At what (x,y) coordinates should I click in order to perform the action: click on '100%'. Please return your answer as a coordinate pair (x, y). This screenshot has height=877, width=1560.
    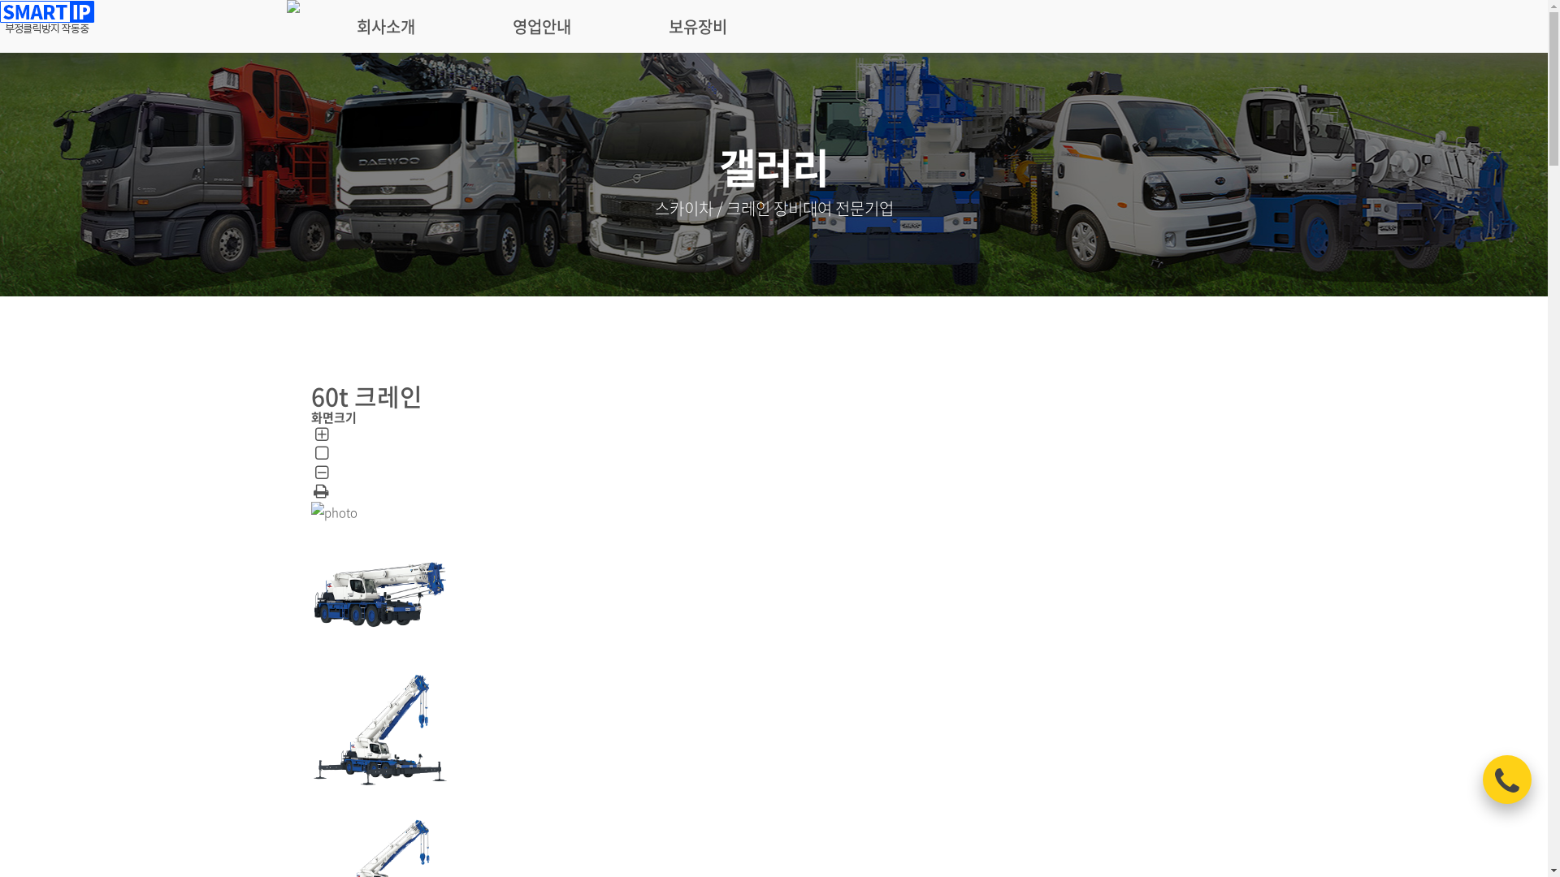
    Looking at the image, I should click on (321, 454).